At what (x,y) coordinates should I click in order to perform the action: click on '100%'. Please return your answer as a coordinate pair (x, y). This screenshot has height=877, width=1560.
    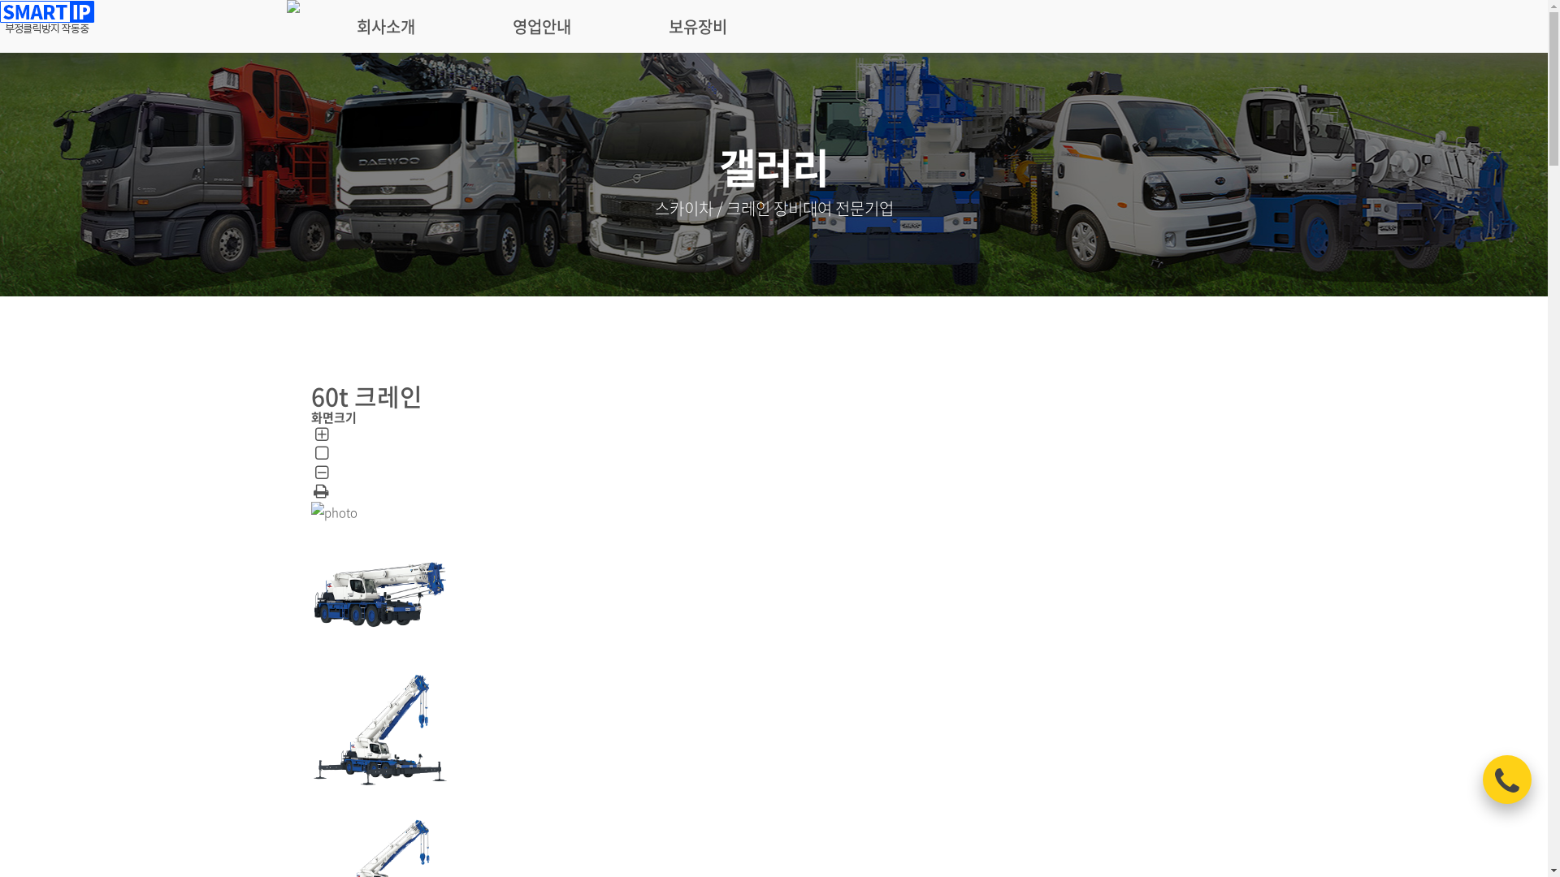
    Looking at the image, I should click on (321, 454).